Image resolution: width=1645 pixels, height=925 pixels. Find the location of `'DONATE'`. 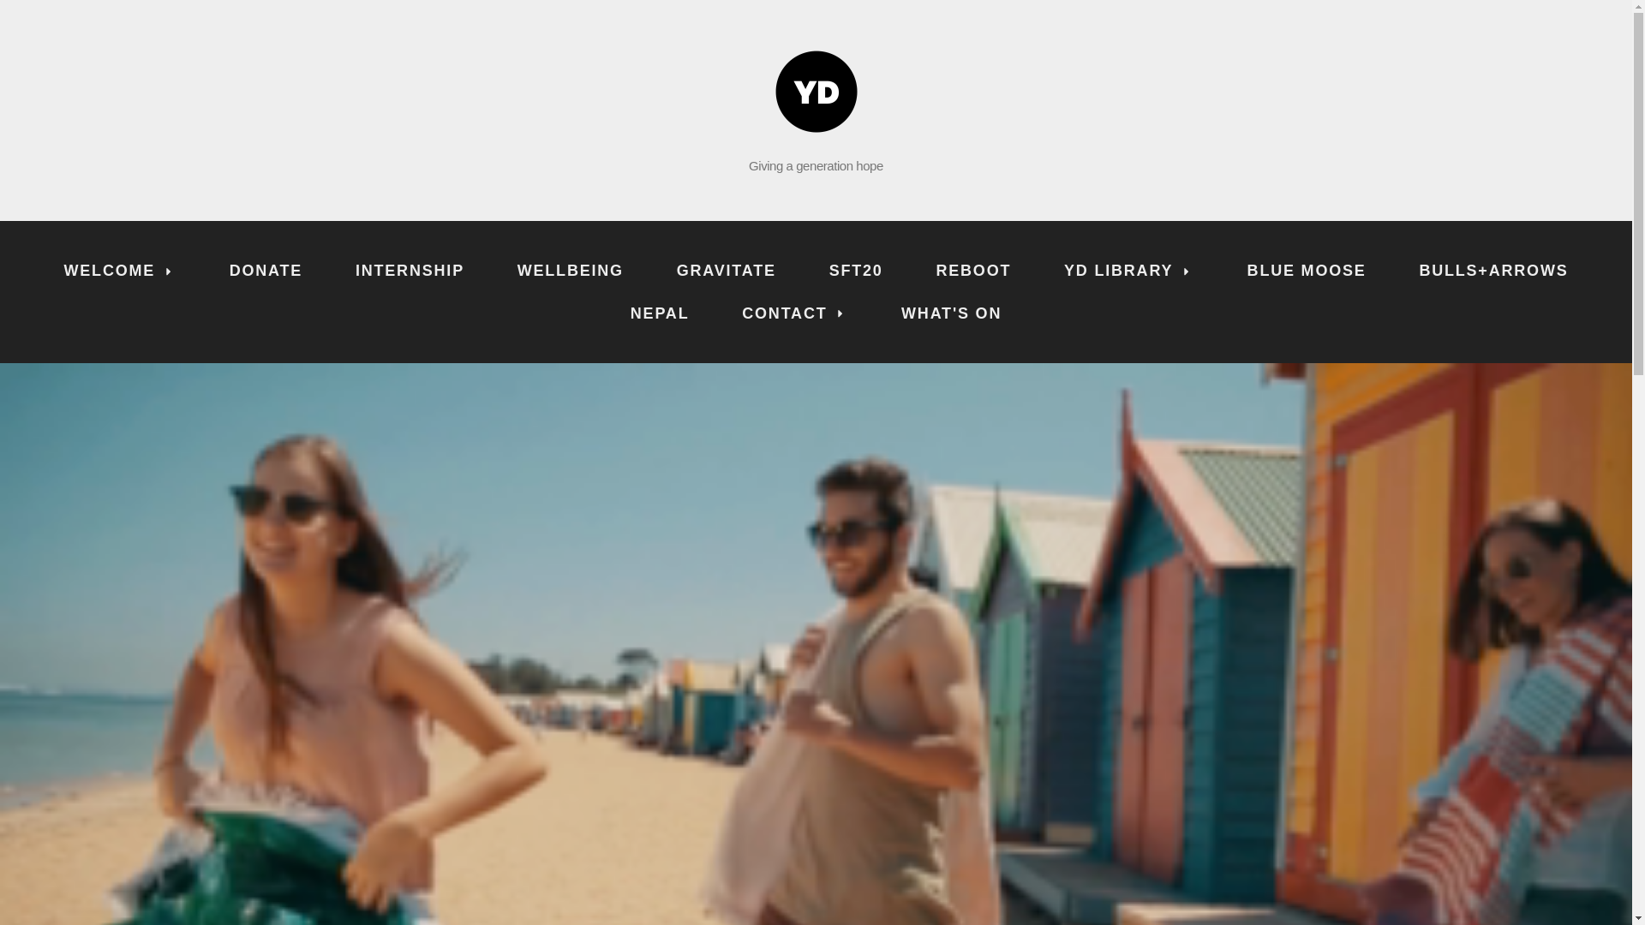

'DONATE' is located at coordinates (205, 270).